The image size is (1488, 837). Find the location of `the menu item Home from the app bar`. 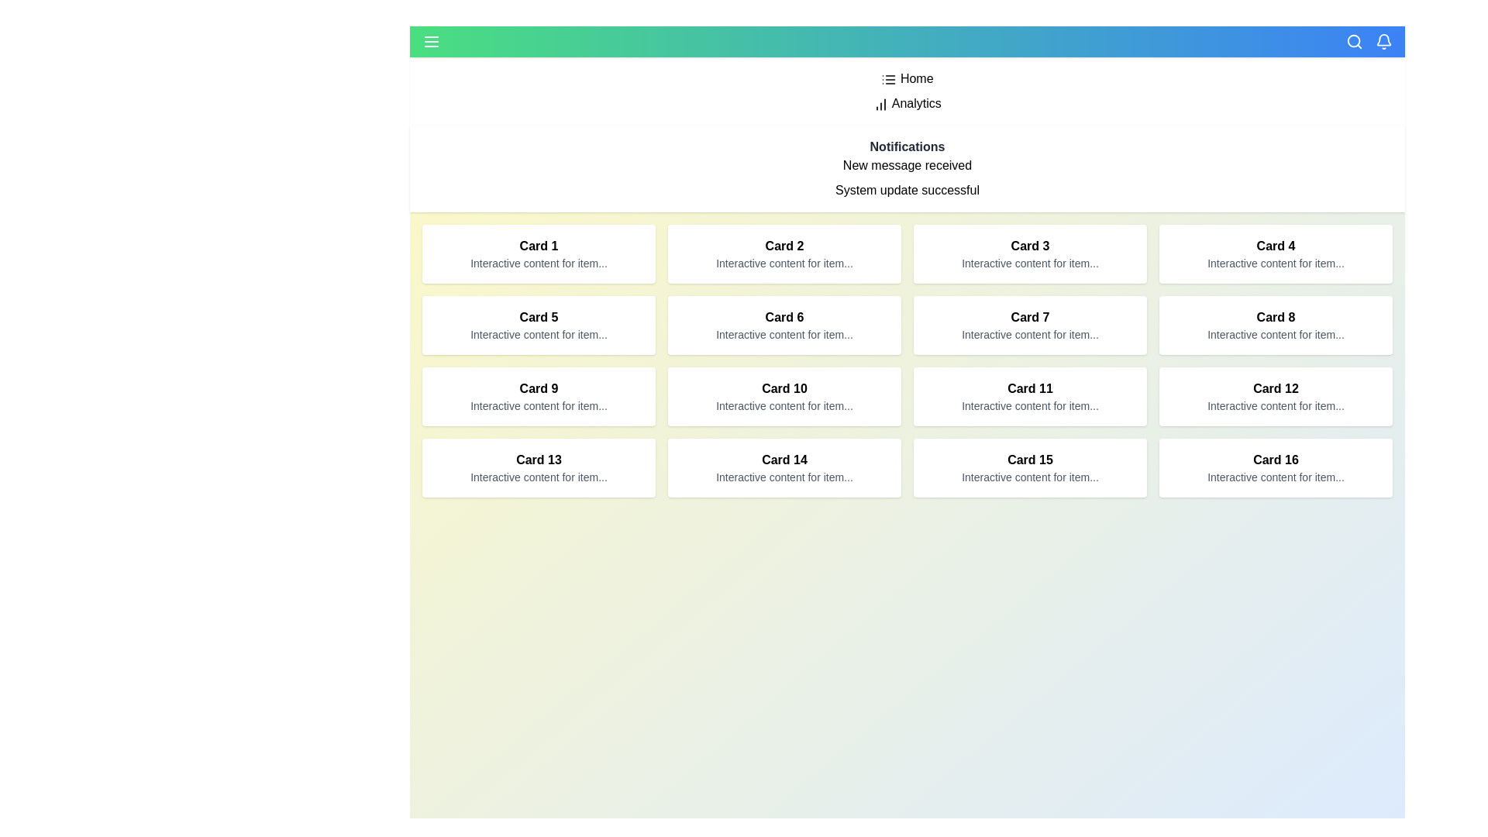

the menu item Home from the app bar is located at coordinates (422, 78).